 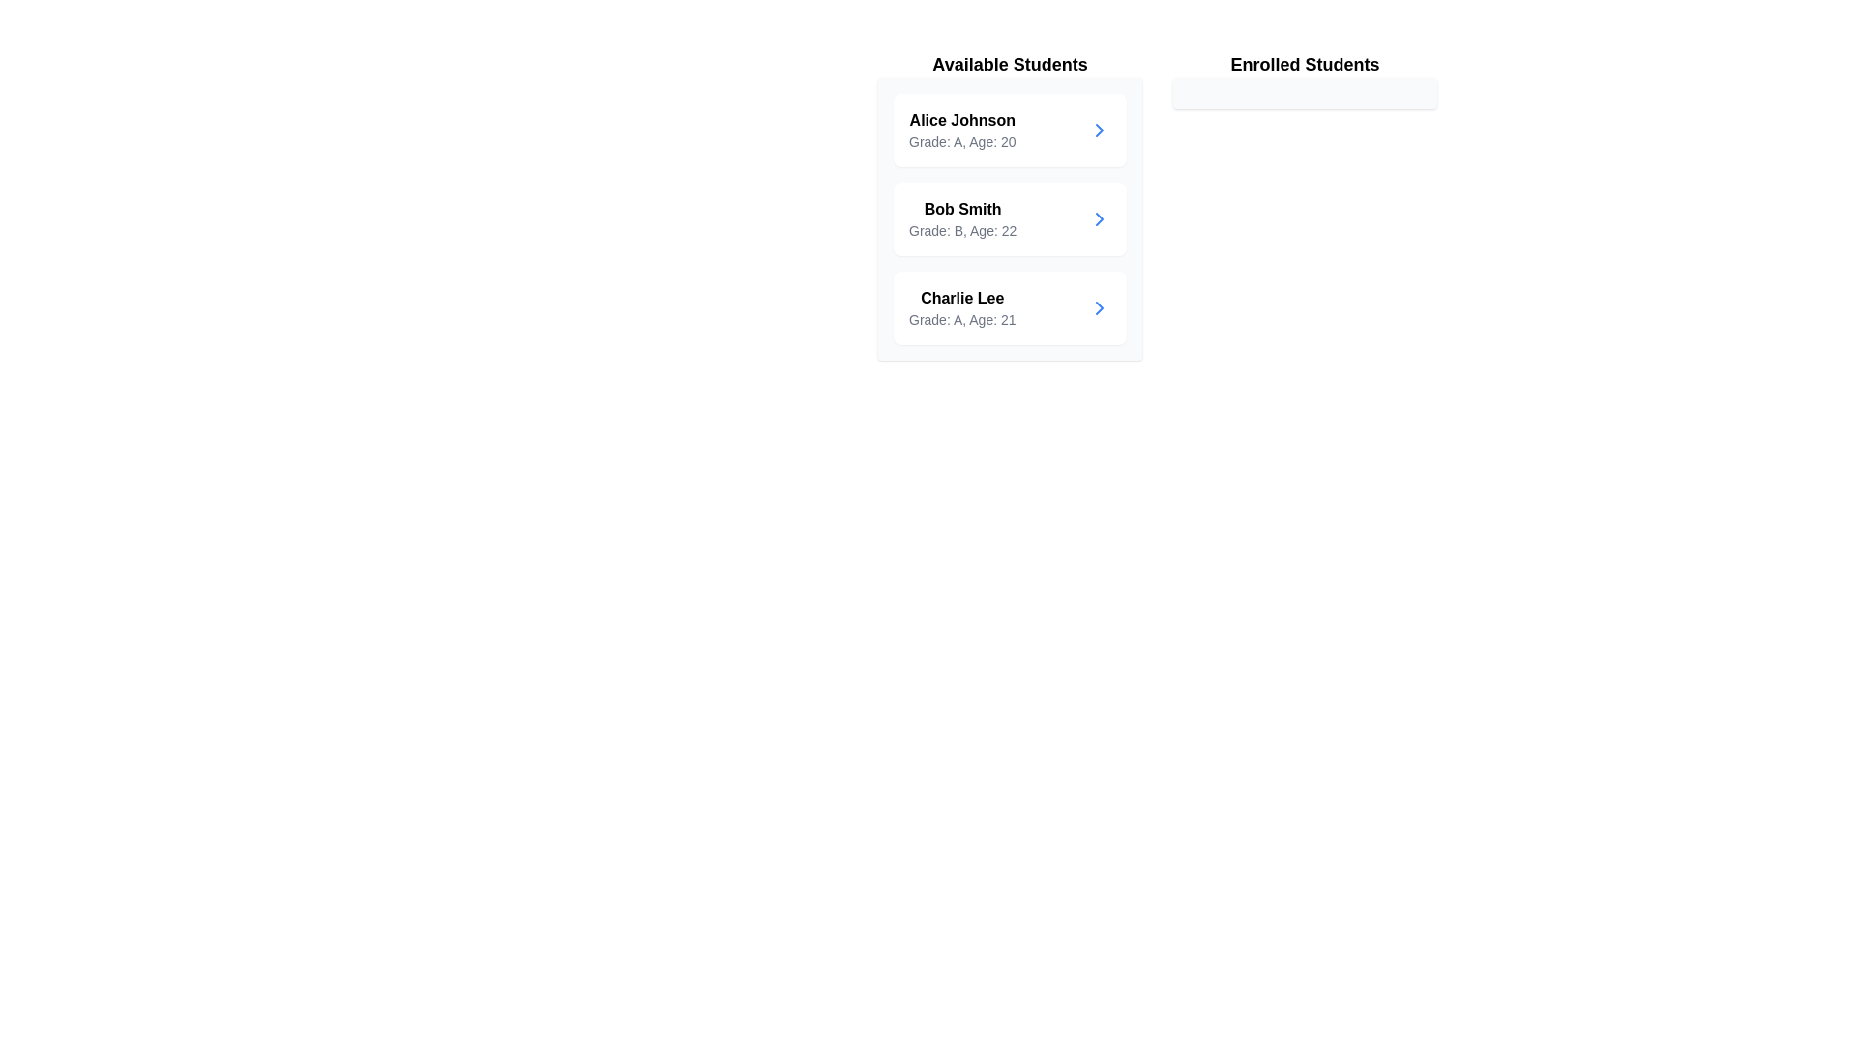 I want to click on transfer button for the student Charlie Lee to move them to the enrolled list, so click(x=1100, y=307).